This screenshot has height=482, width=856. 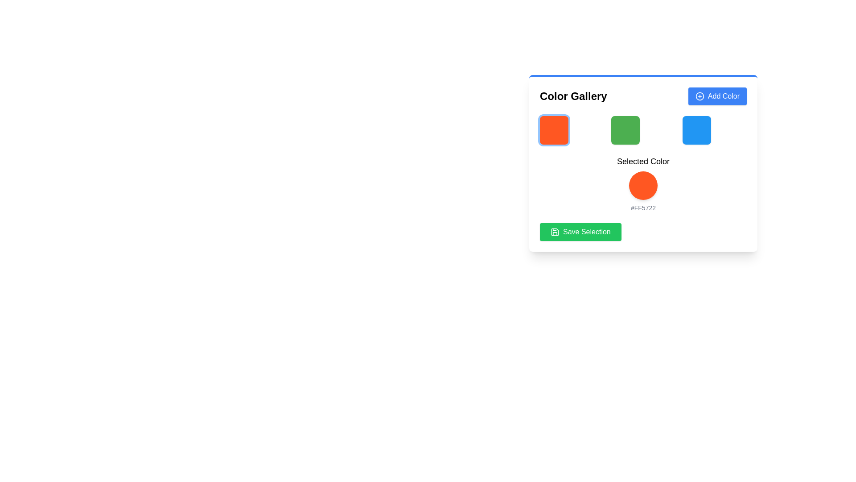 I want to click on the button located in the top-right corner of the 'Color Gallery' panel, which initiates the action to add a new color, so click(x=717, y=96).